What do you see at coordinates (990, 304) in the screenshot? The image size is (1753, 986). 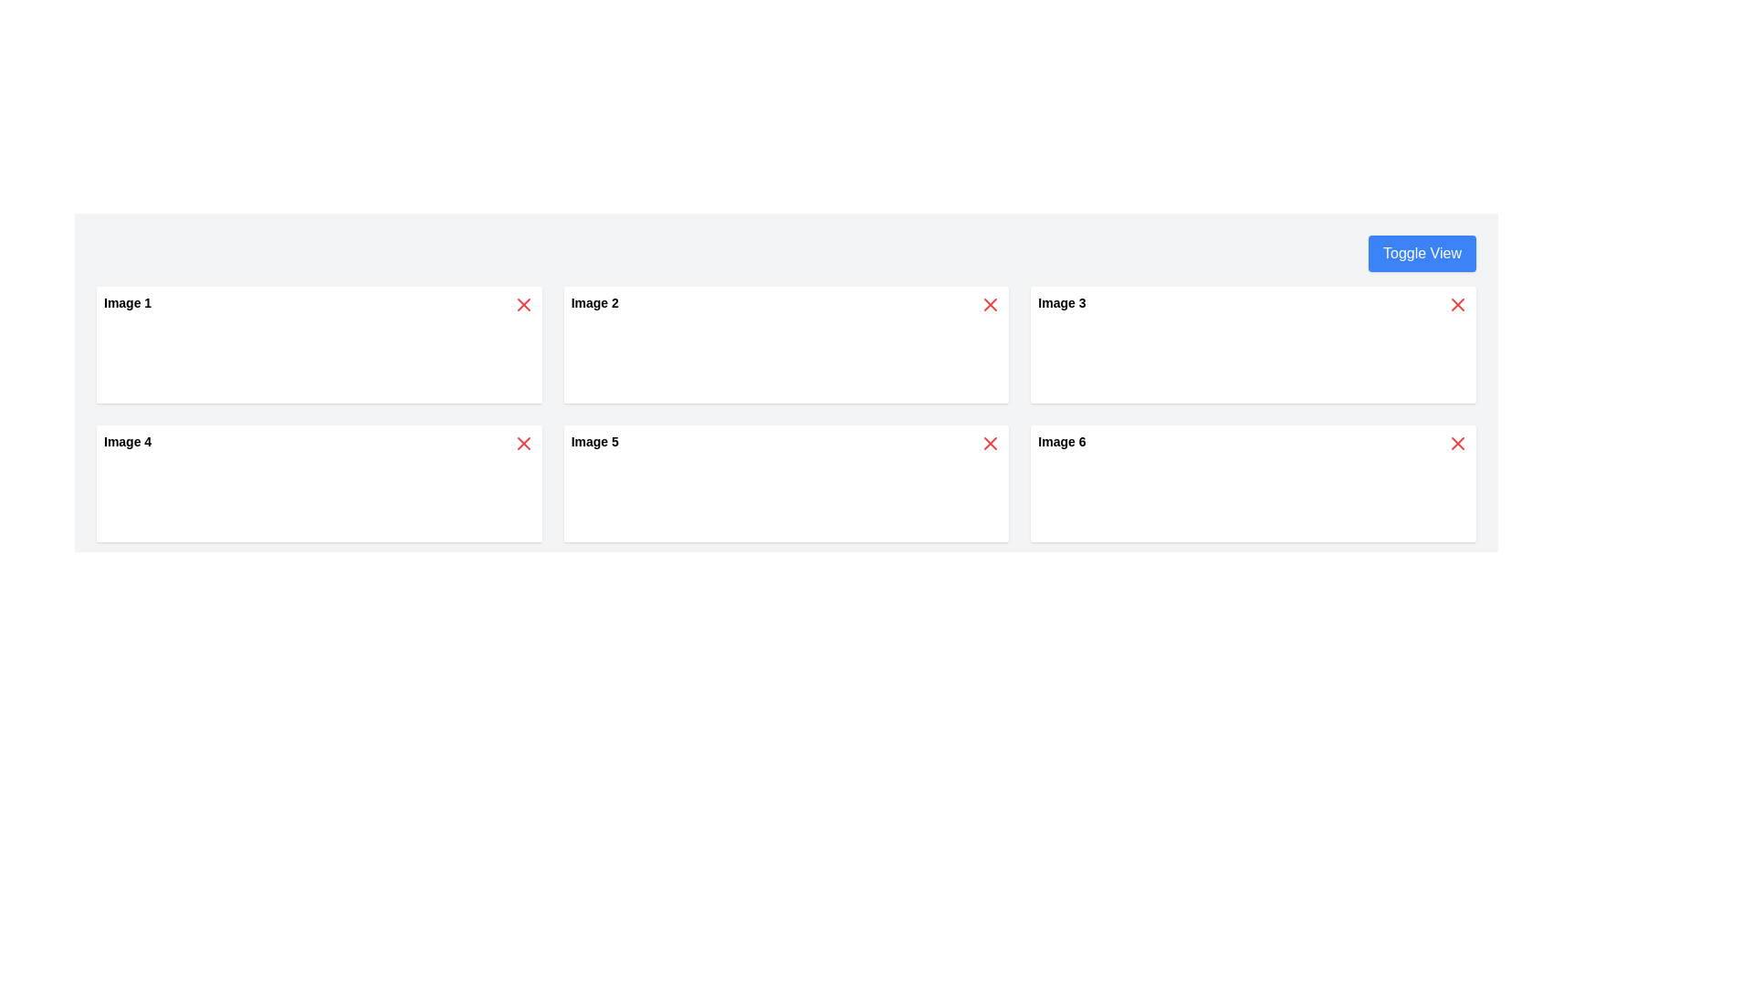 I see `the close button located in the top right corner of the second box in the first row of the grid layout` at bounding box center [990, 304].